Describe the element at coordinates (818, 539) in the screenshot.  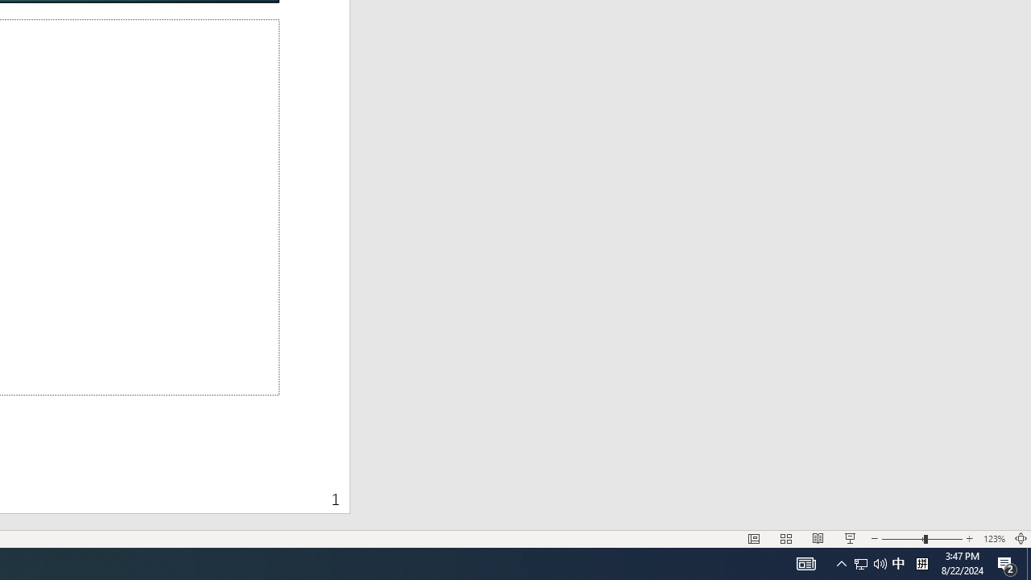
I see `'Reading View'` at that location.